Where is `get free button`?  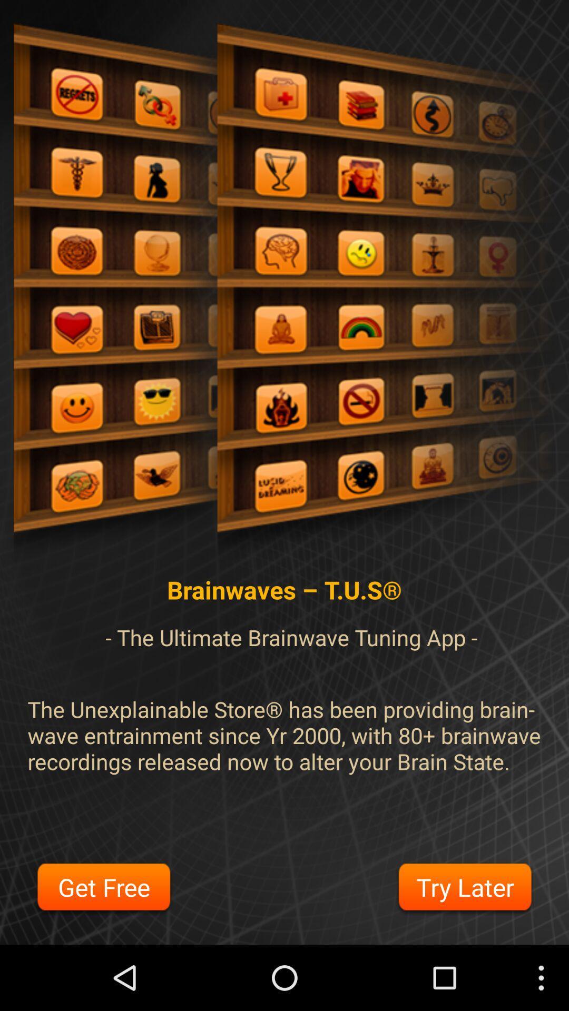
get free button is located at coordinates (104, 889).